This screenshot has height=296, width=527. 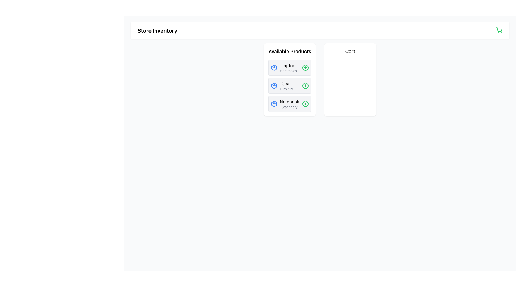 What do you see at coordinates (284, 67) in the screenshot?
I see `the 'Laptop' product list item, which features a blue package icon and the title 'Laptop' in bold black text` at bounding box center [284, 67].